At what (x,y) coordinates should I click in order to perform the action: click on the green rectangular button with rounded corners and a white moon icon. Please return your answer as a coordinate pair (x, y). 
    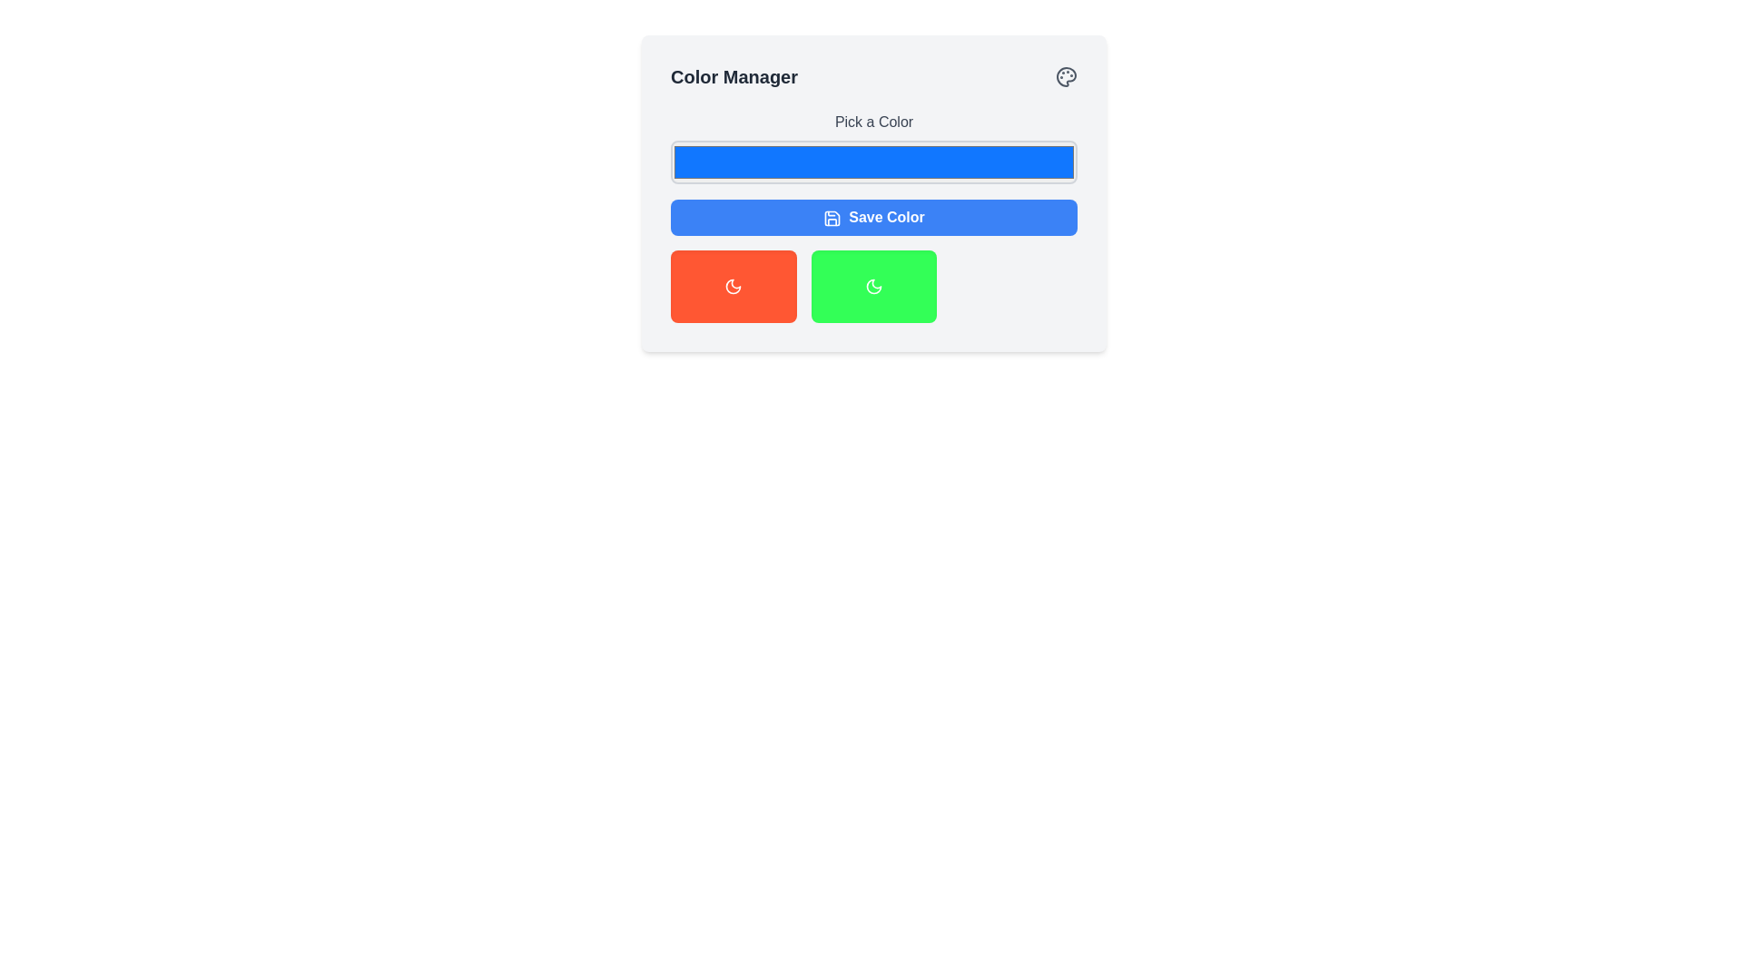
    Looking at the image, I should click on (874, 286).